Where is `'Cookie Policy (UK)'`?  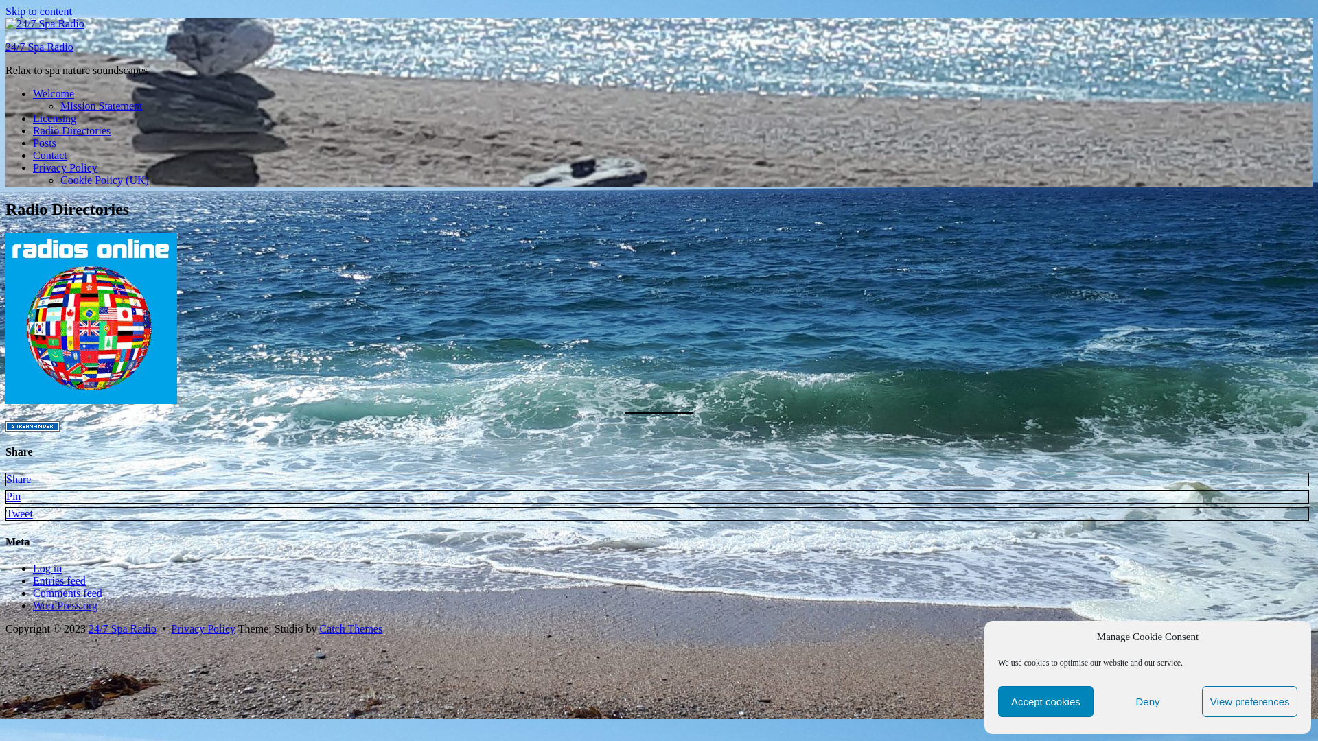
'Cookie Policy (UK)' is located at coordinates (104, 179).